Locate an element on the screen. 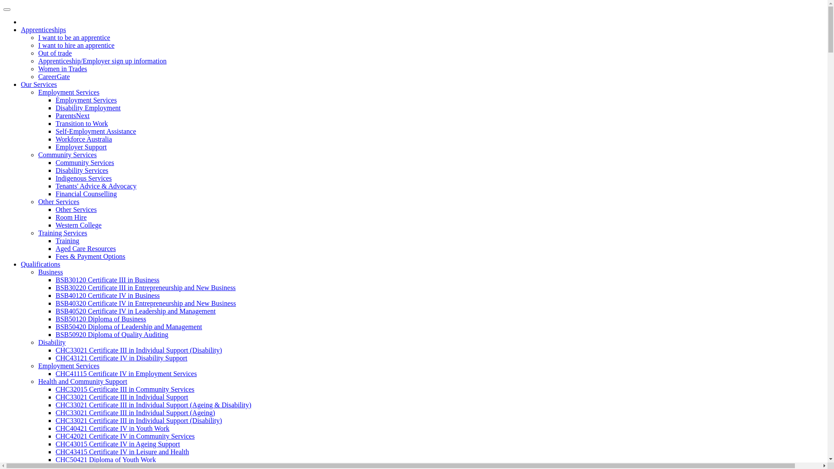  'Employer Support' is located at coordinates (81, 146).